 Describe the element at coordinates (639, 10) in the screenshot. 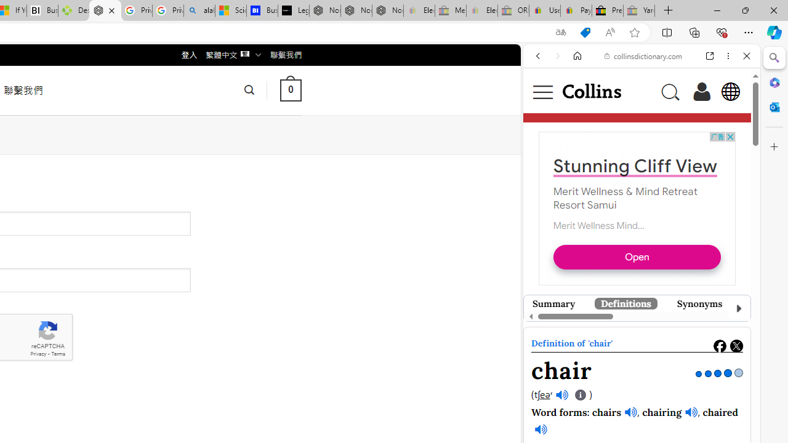

I see `'Yard, Garden & Outdoor Living - Sleeping'` at that location.